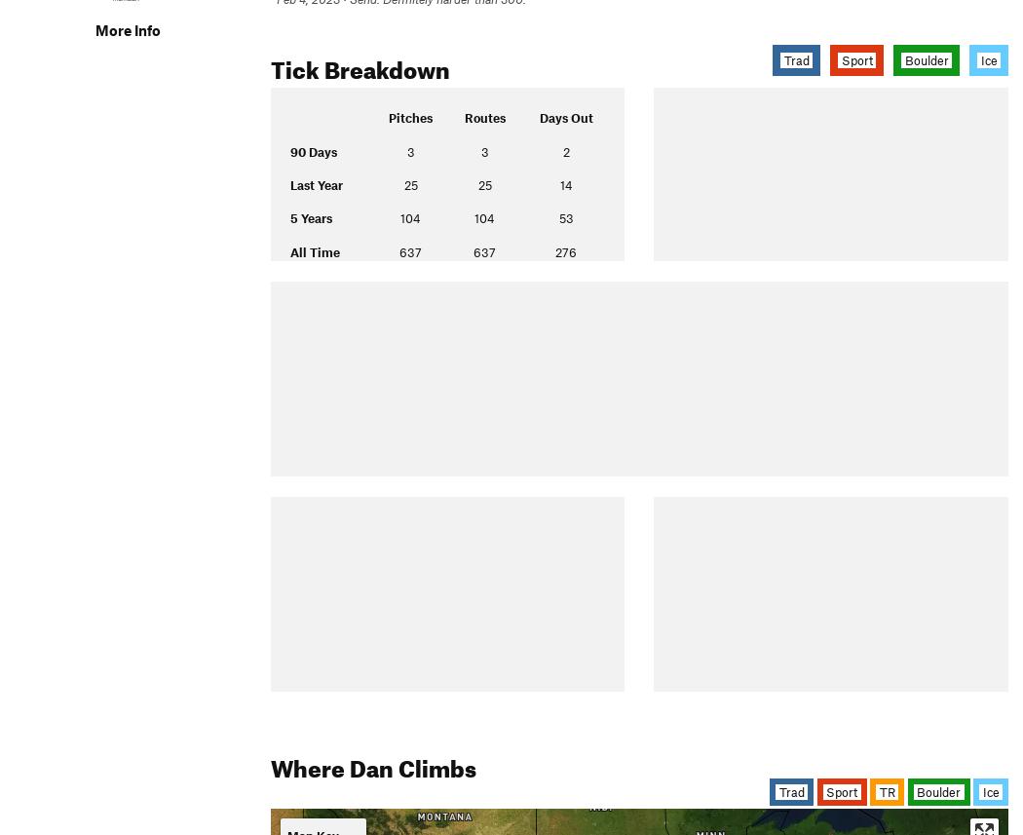 Image resolution: width=1023 pixels, height=835 pixels. Describe the element at coordinates (314, 251) in the screenshot. I see `'All Time'` at that location.